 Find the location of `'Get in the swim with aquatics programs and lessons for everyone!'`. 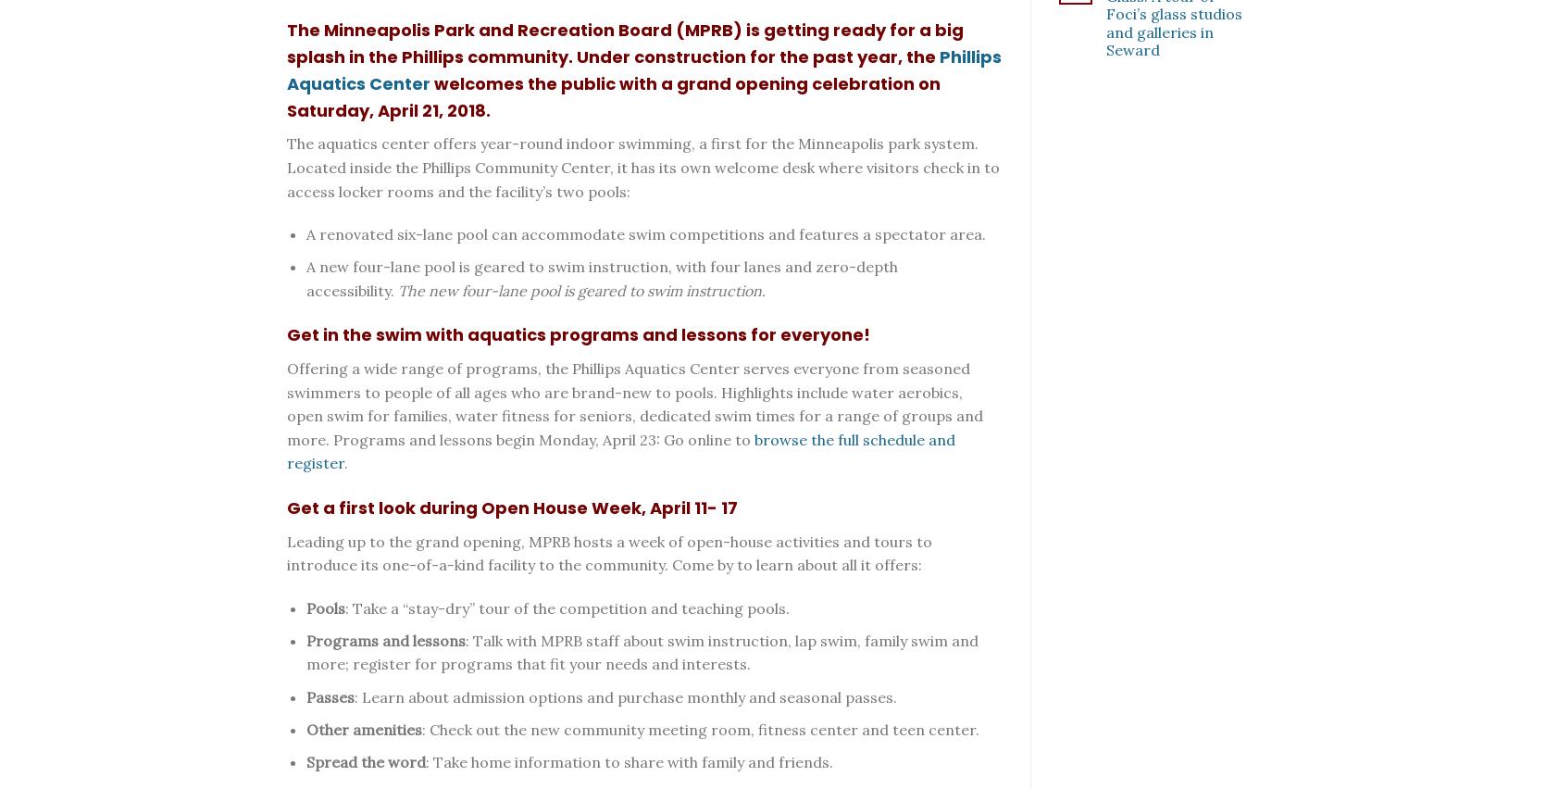

'Get in the swim with aquatics programs and lessons for everyone!' is located at coordinates (578, 333).